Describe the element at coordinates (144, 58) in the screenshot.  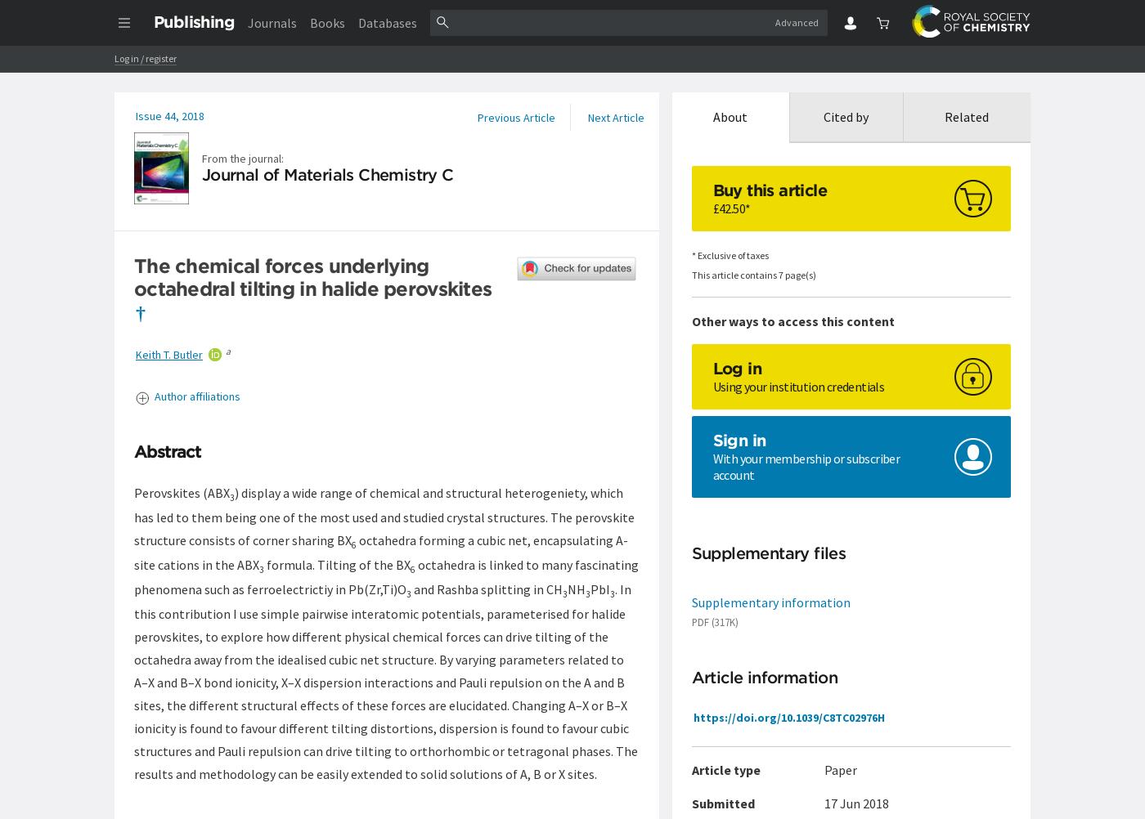
I see `'Log in / register'` at that location.